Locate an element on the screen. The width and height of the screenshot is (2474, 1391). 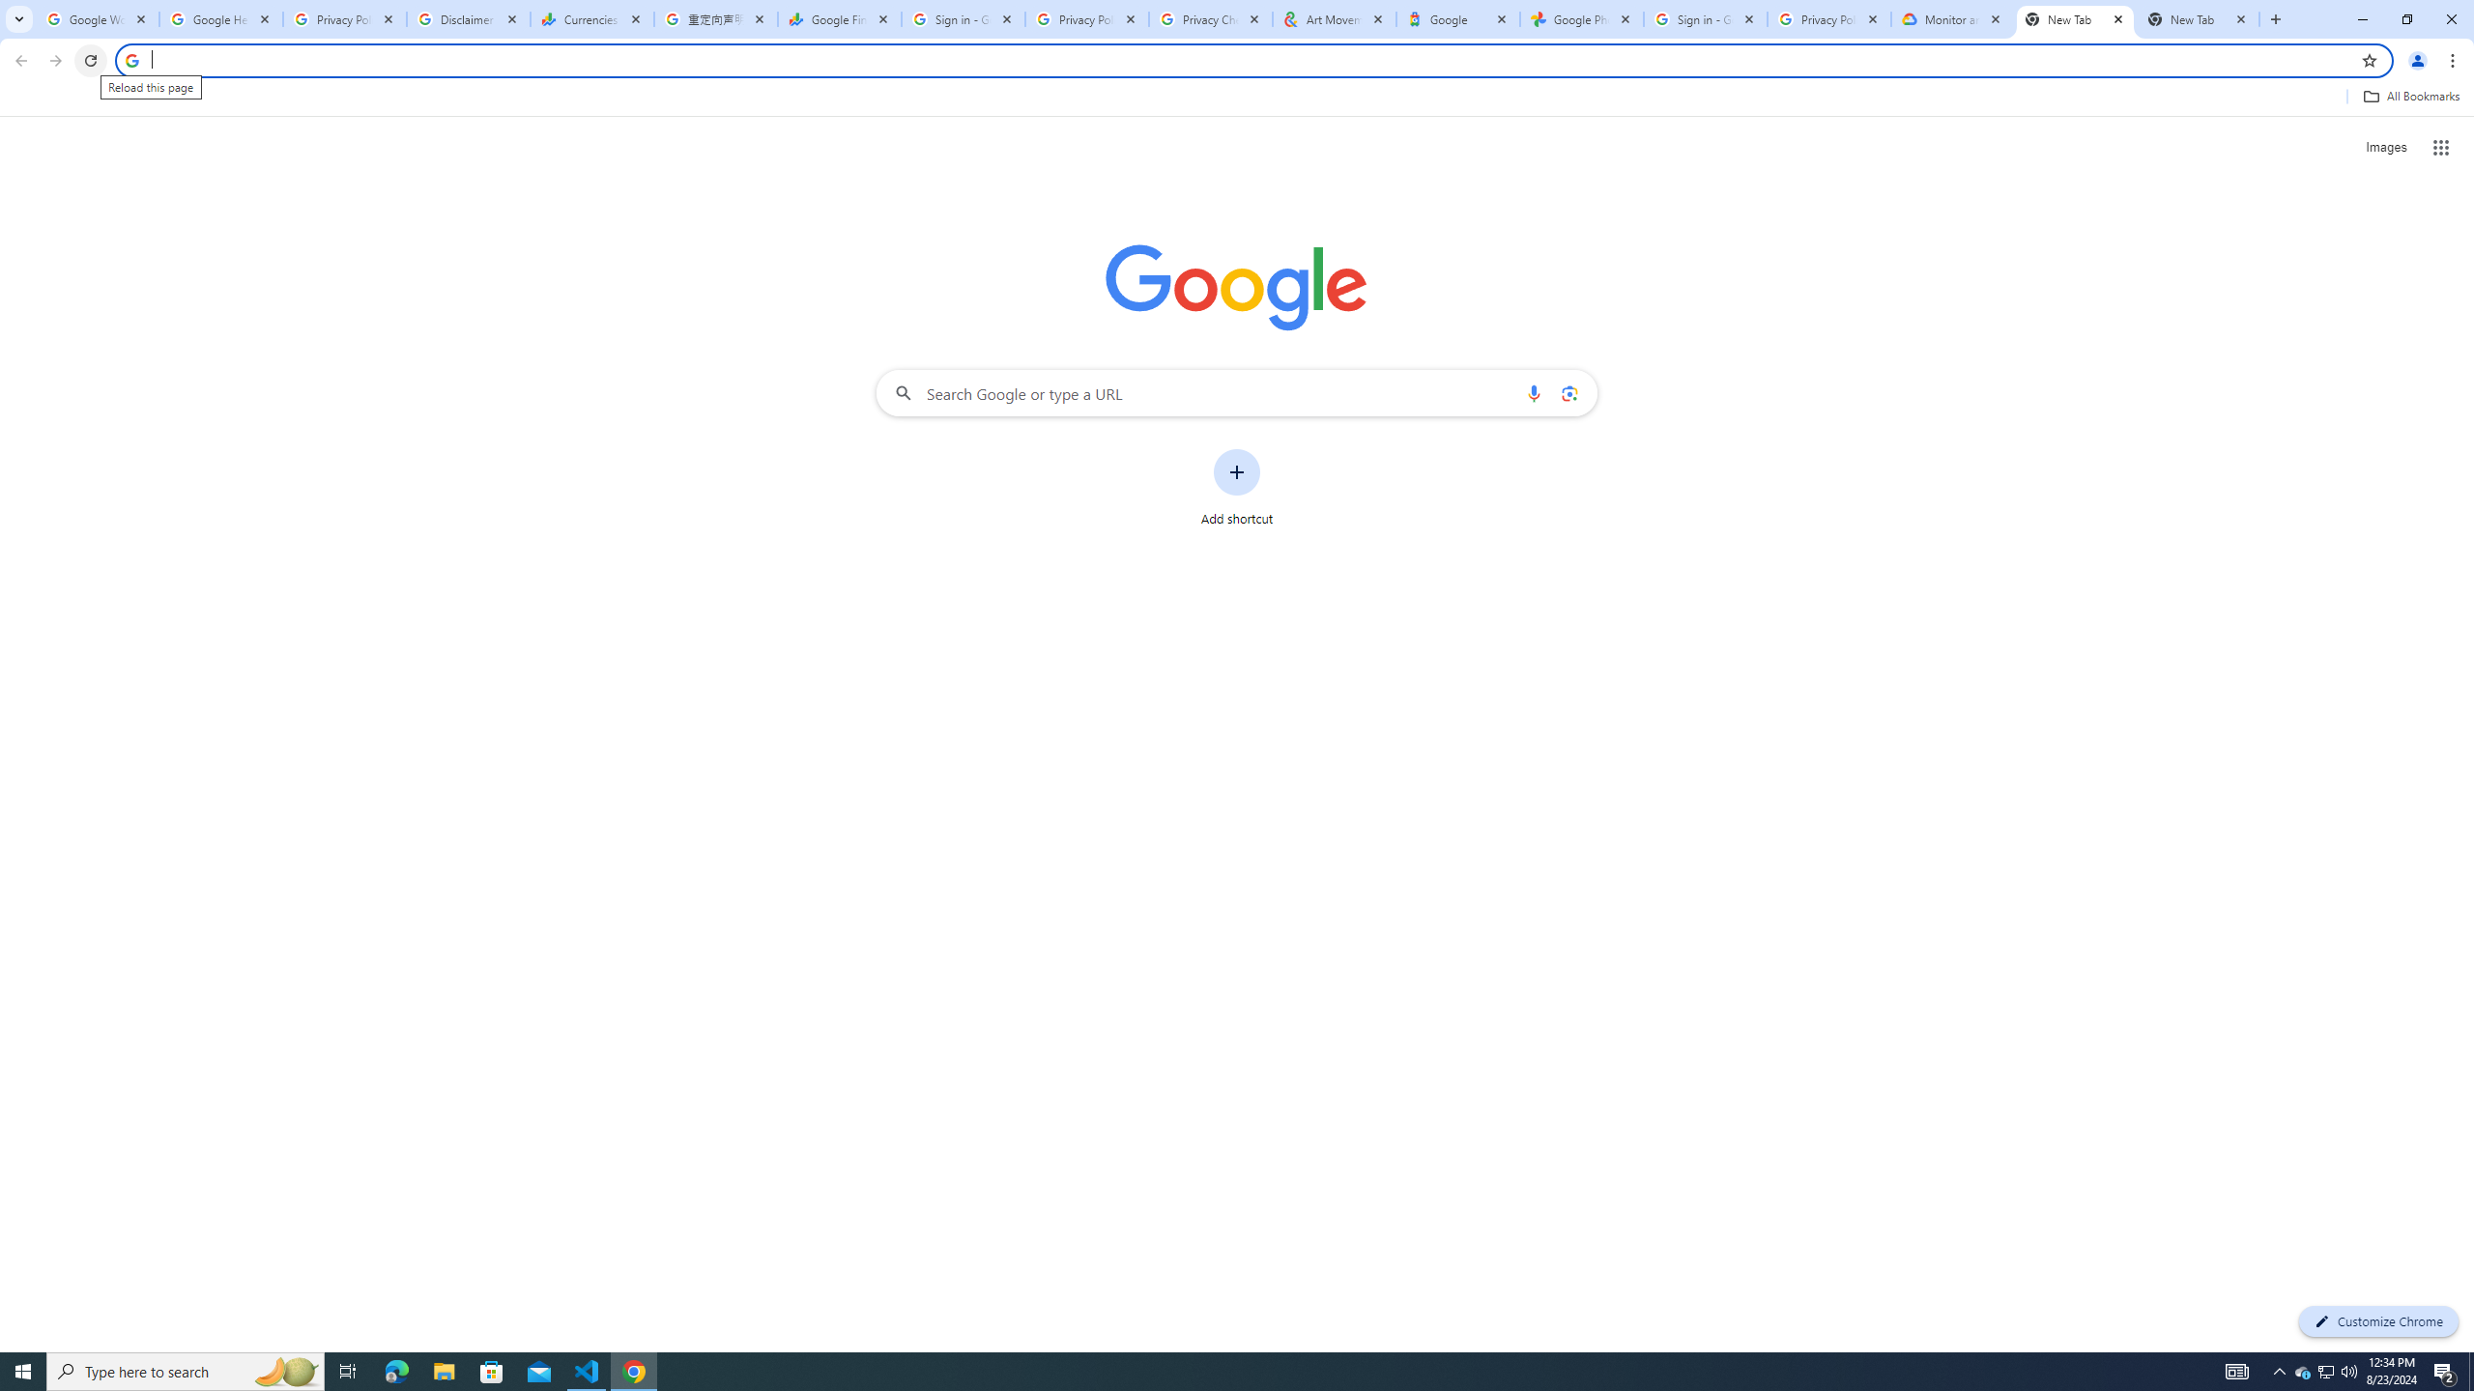
'Search by image' is located at coordinates (1568, 391).